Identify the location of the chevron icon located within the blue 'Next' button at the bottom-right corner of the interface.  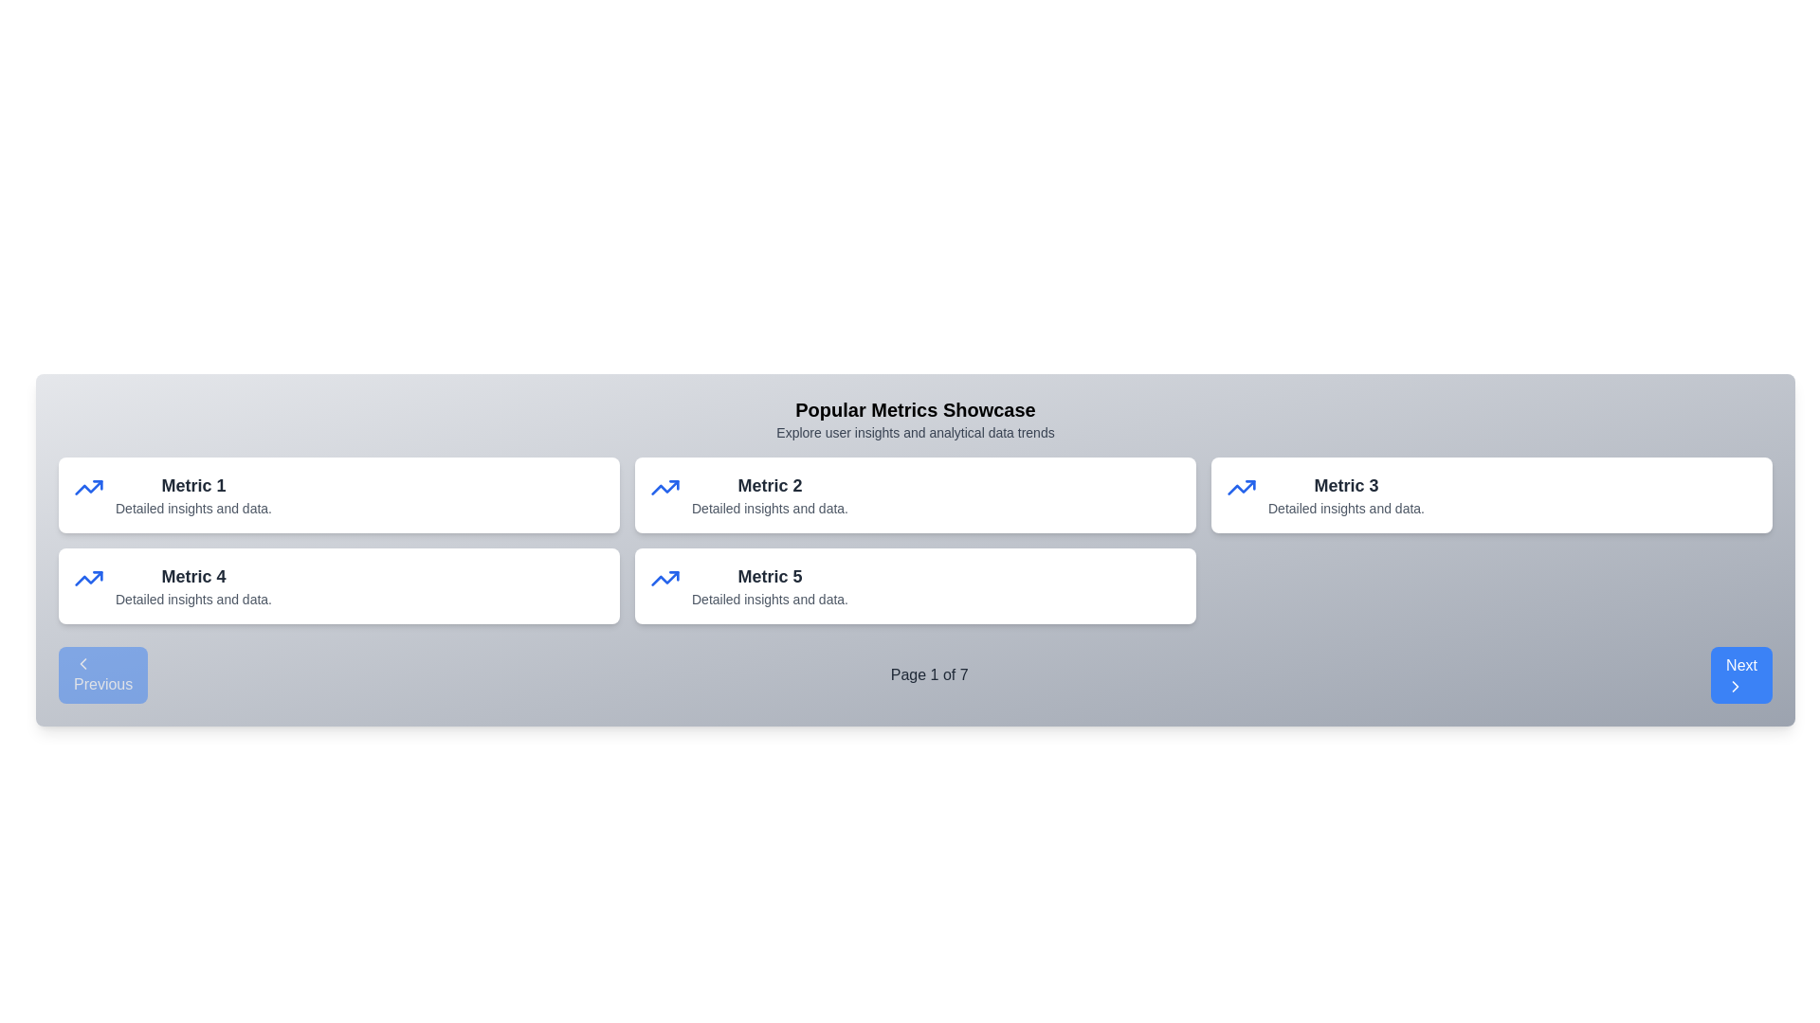
(1736, 687).